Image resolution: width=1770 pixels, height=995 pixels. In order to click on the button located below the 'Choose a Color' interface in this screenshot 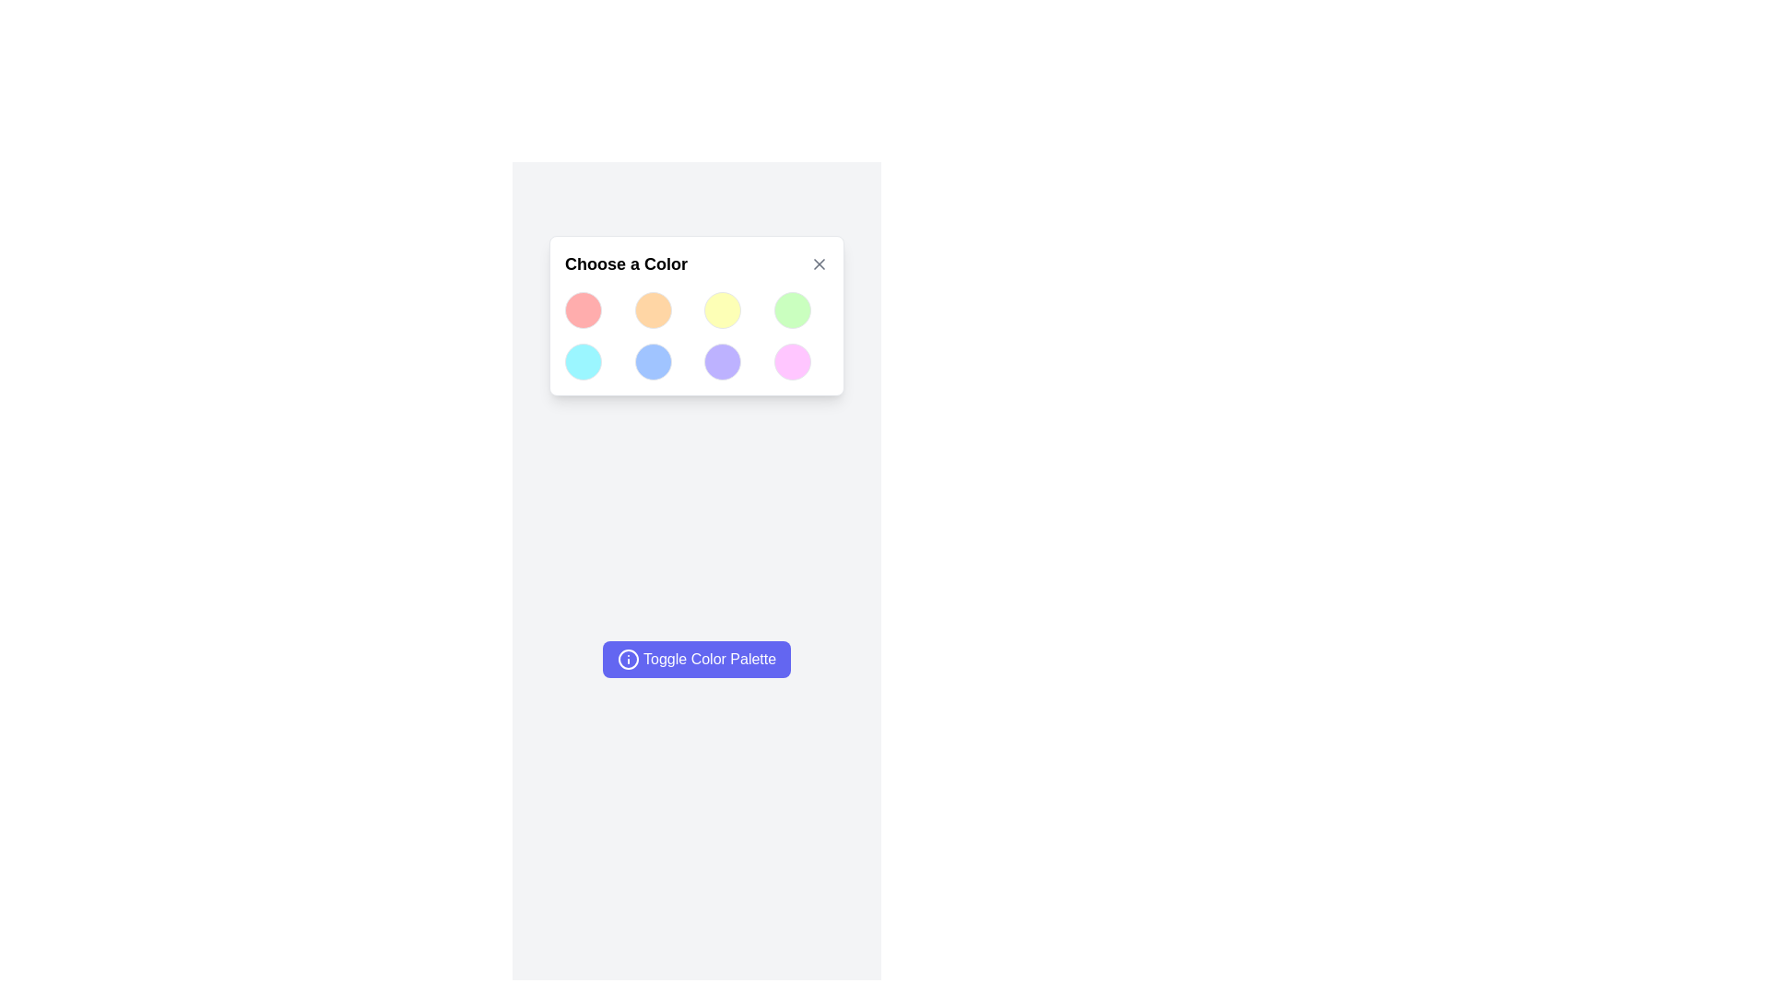, I will do `click(695, 657)`.